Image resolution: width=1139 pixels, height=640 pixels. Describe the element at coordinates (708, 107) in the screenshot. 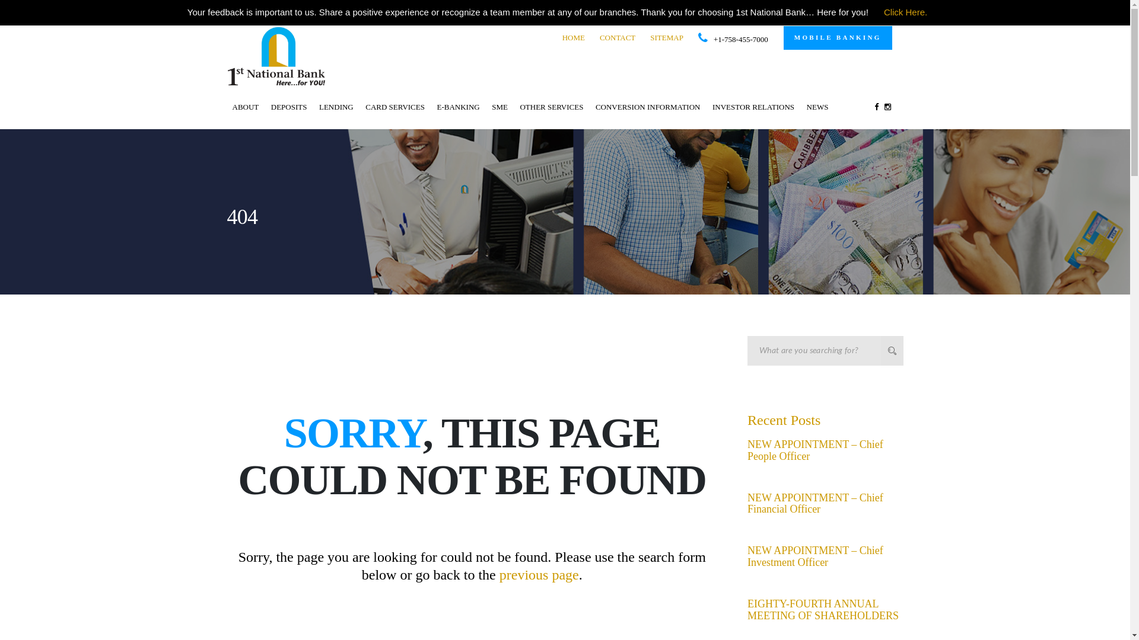

I see `'INVESTOR RELATIONS'` at that location.